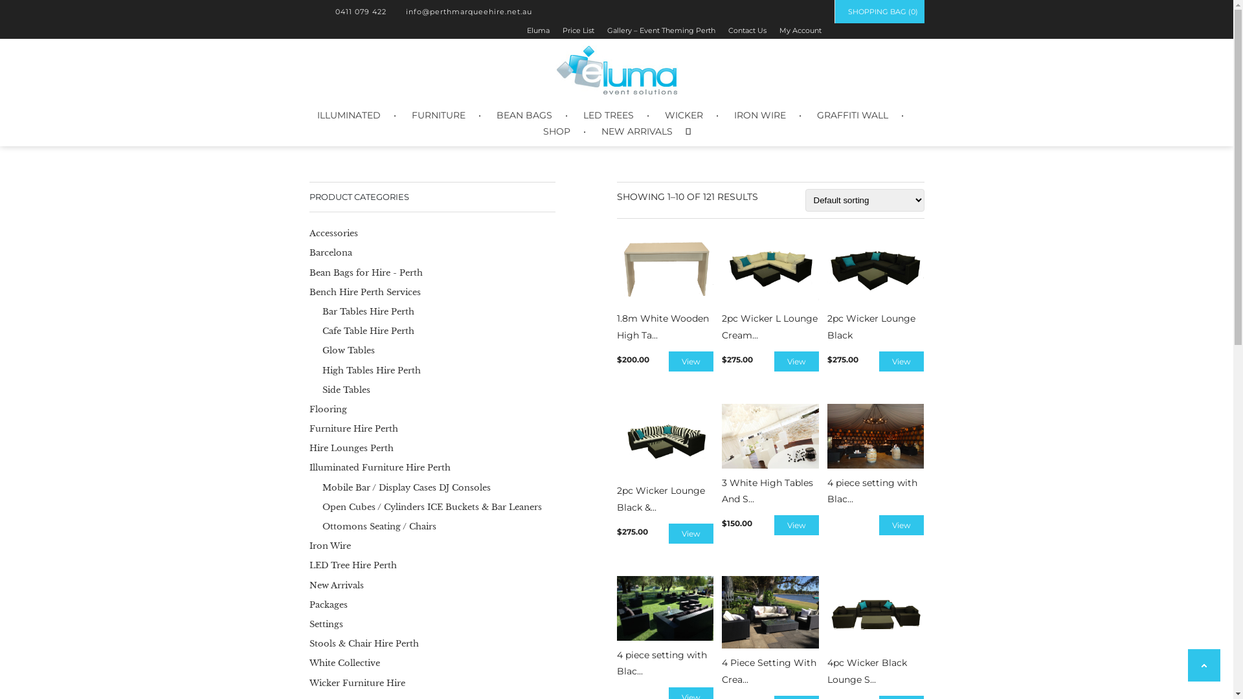 The image size is (1243, 699). What do you see at coordinates (353, 564) in the screenshot?
I see `'LED Tree Hire Perth'` at bounding box center [353, 564].